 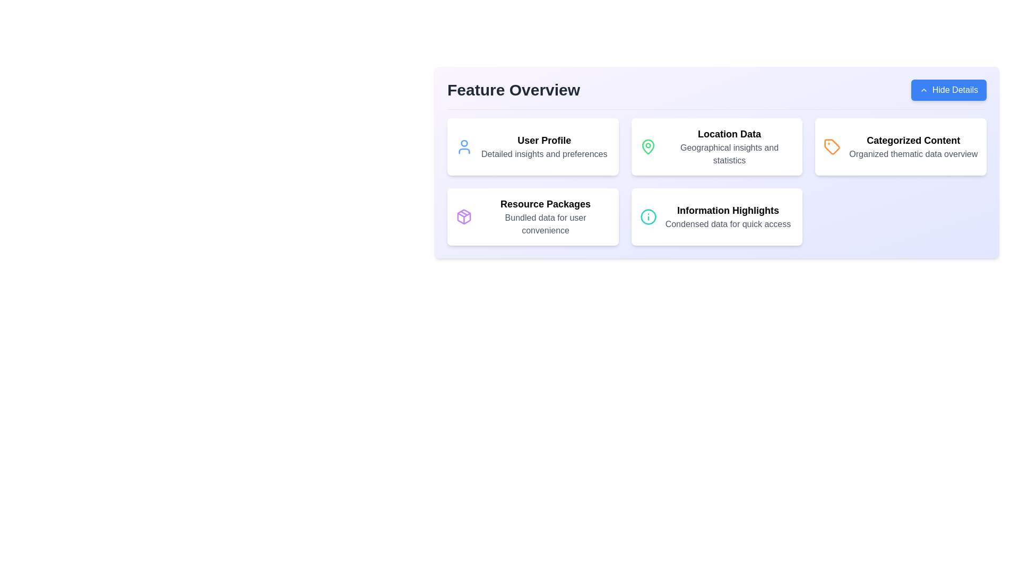 I want to click on text header located at the top-right of the card, which summarizes the content category or feature being described, so click(x=913, y=140).